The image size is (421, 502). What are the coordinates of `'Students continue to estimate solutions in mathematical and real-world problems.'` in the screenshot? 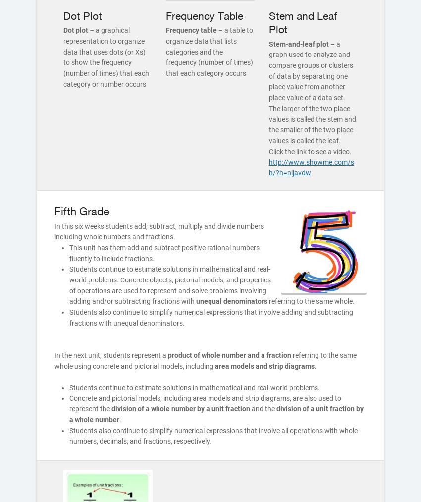 It's located at (195, 387).